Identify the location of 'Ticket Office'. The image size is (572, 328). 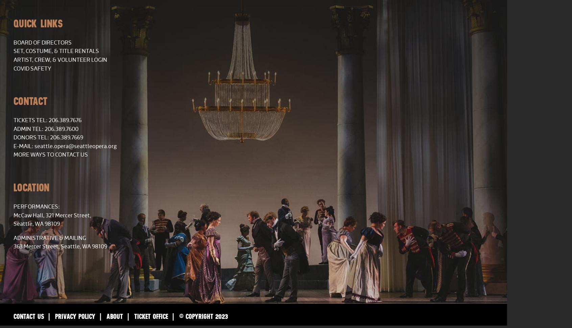
(151, 316).